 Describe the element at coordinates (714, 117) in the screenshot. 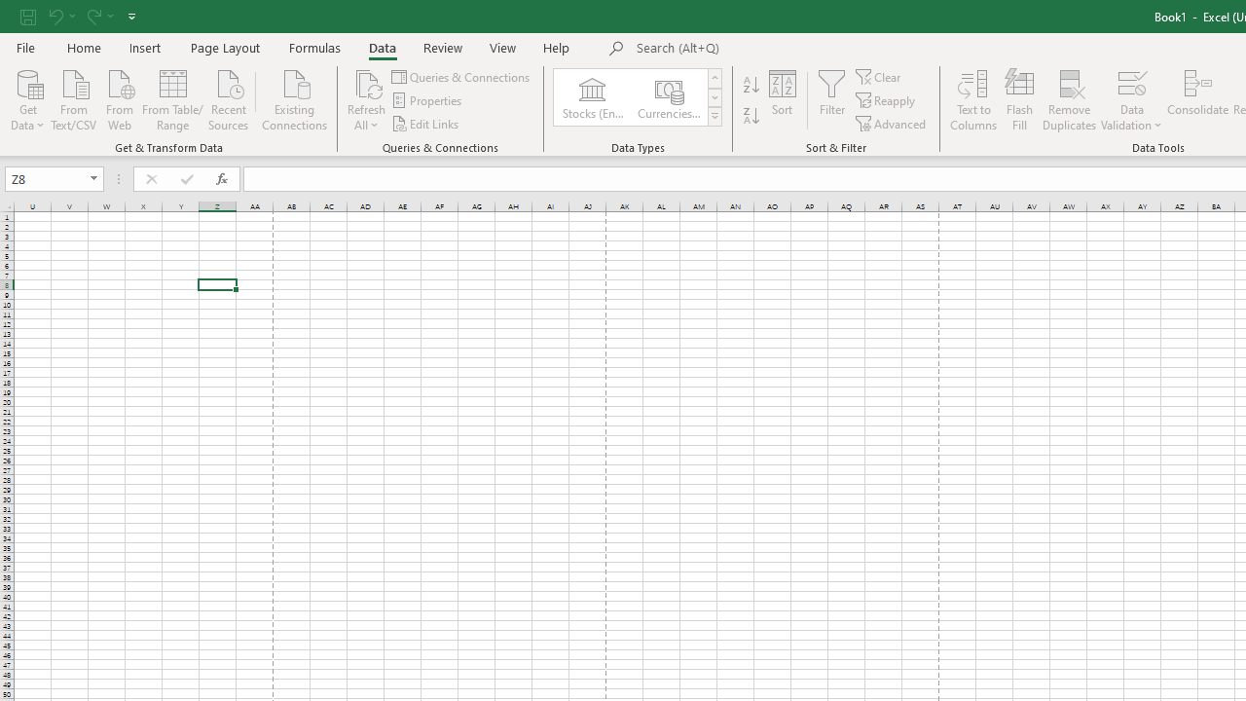

I see `'Data Types'` at that location.